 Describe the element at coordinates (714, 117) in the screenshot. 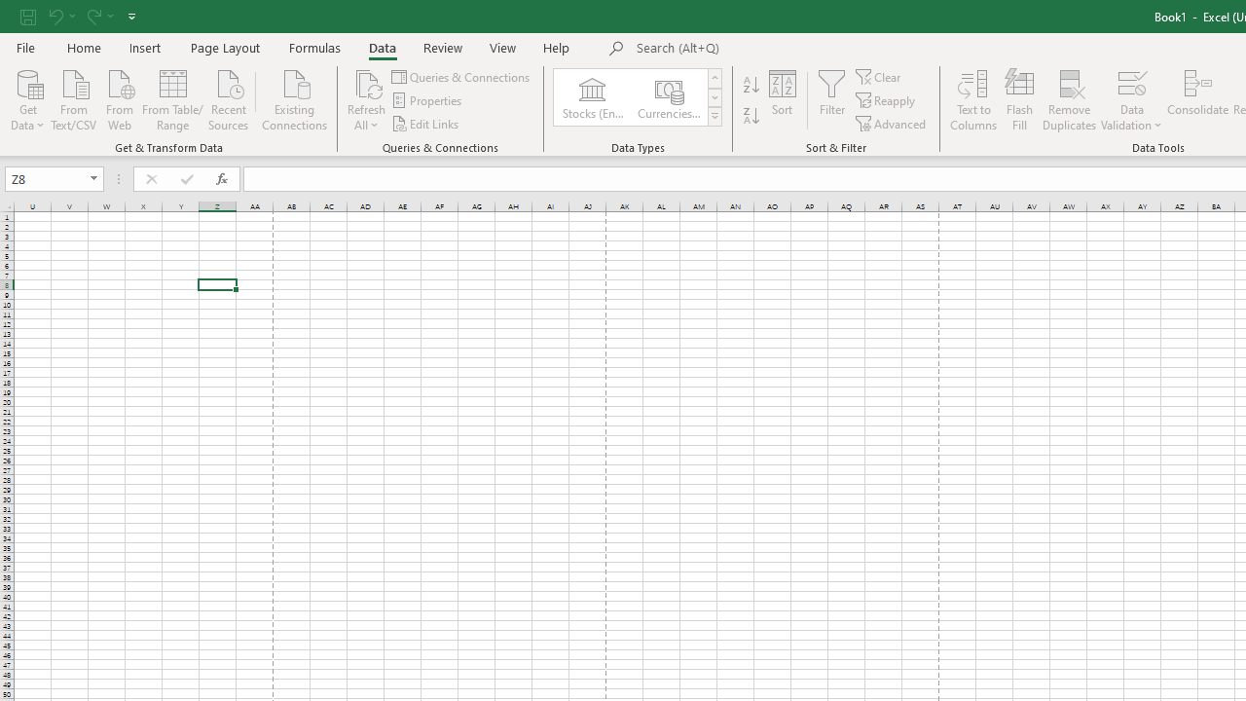

I see `'Data Types'` at that location.